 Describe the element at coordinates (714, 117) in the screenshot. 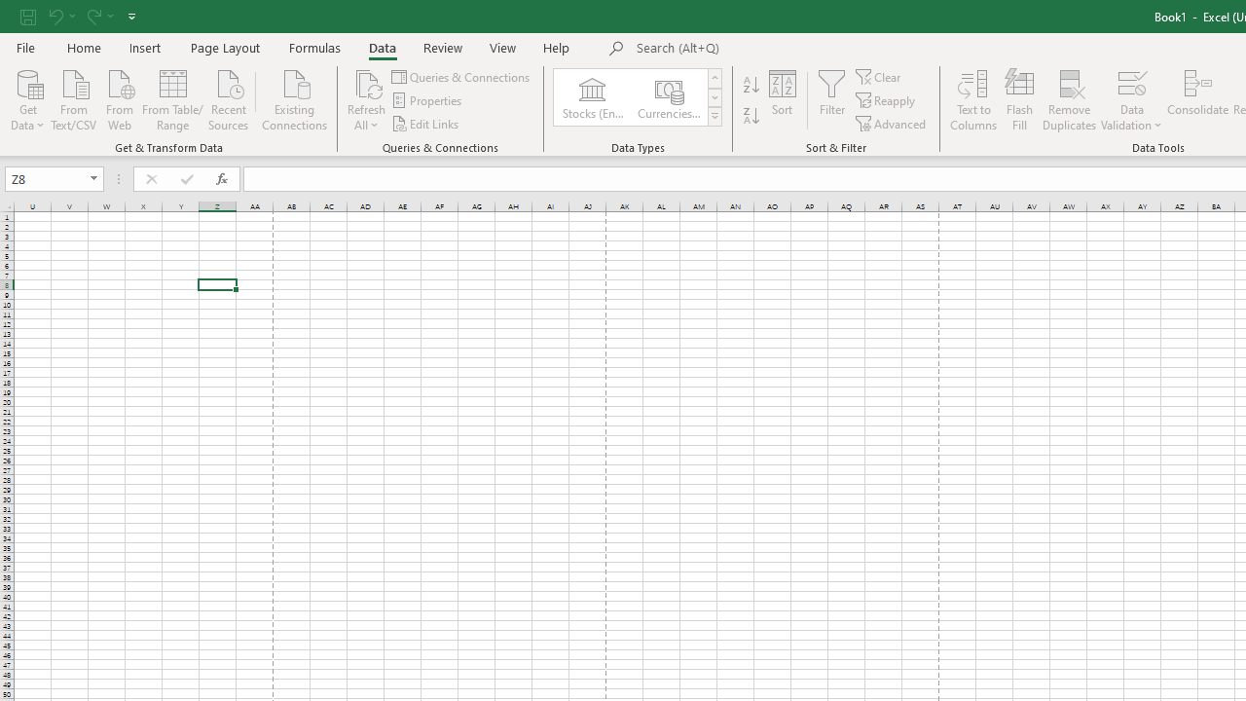

I see `'Data Types'` at that location.